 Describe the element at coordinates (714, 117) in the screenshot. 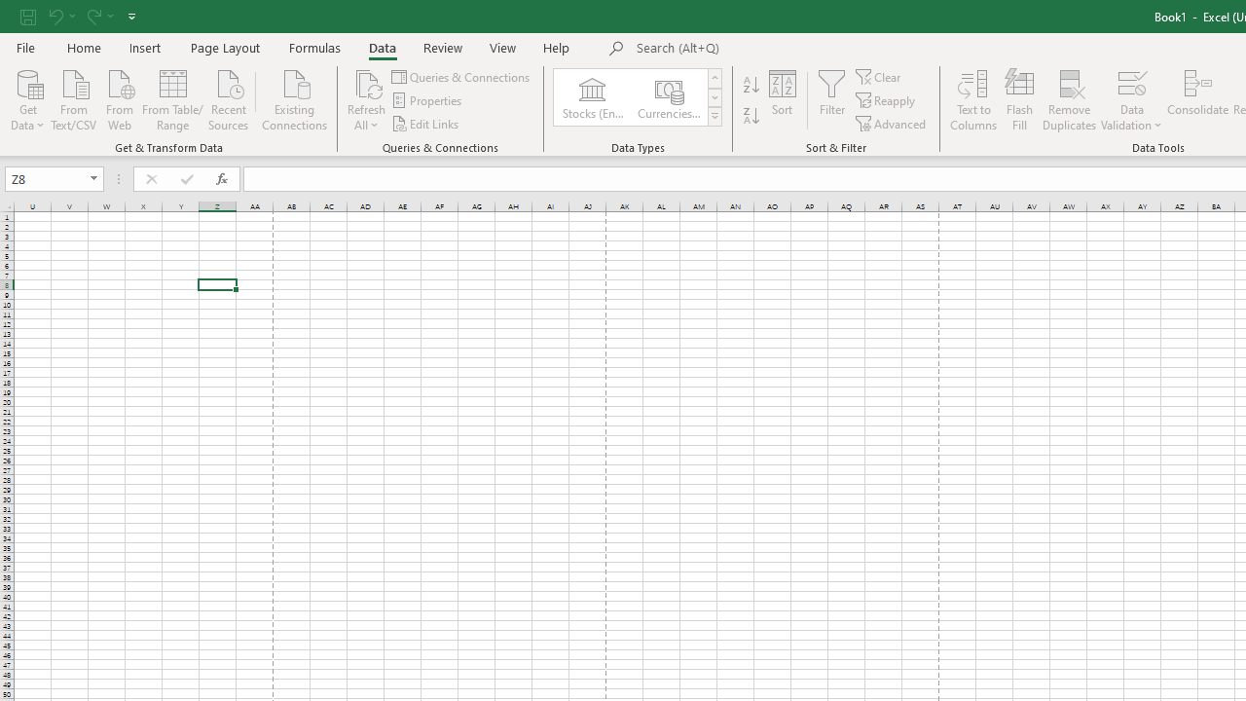

I see `'Data Types'` at that location.